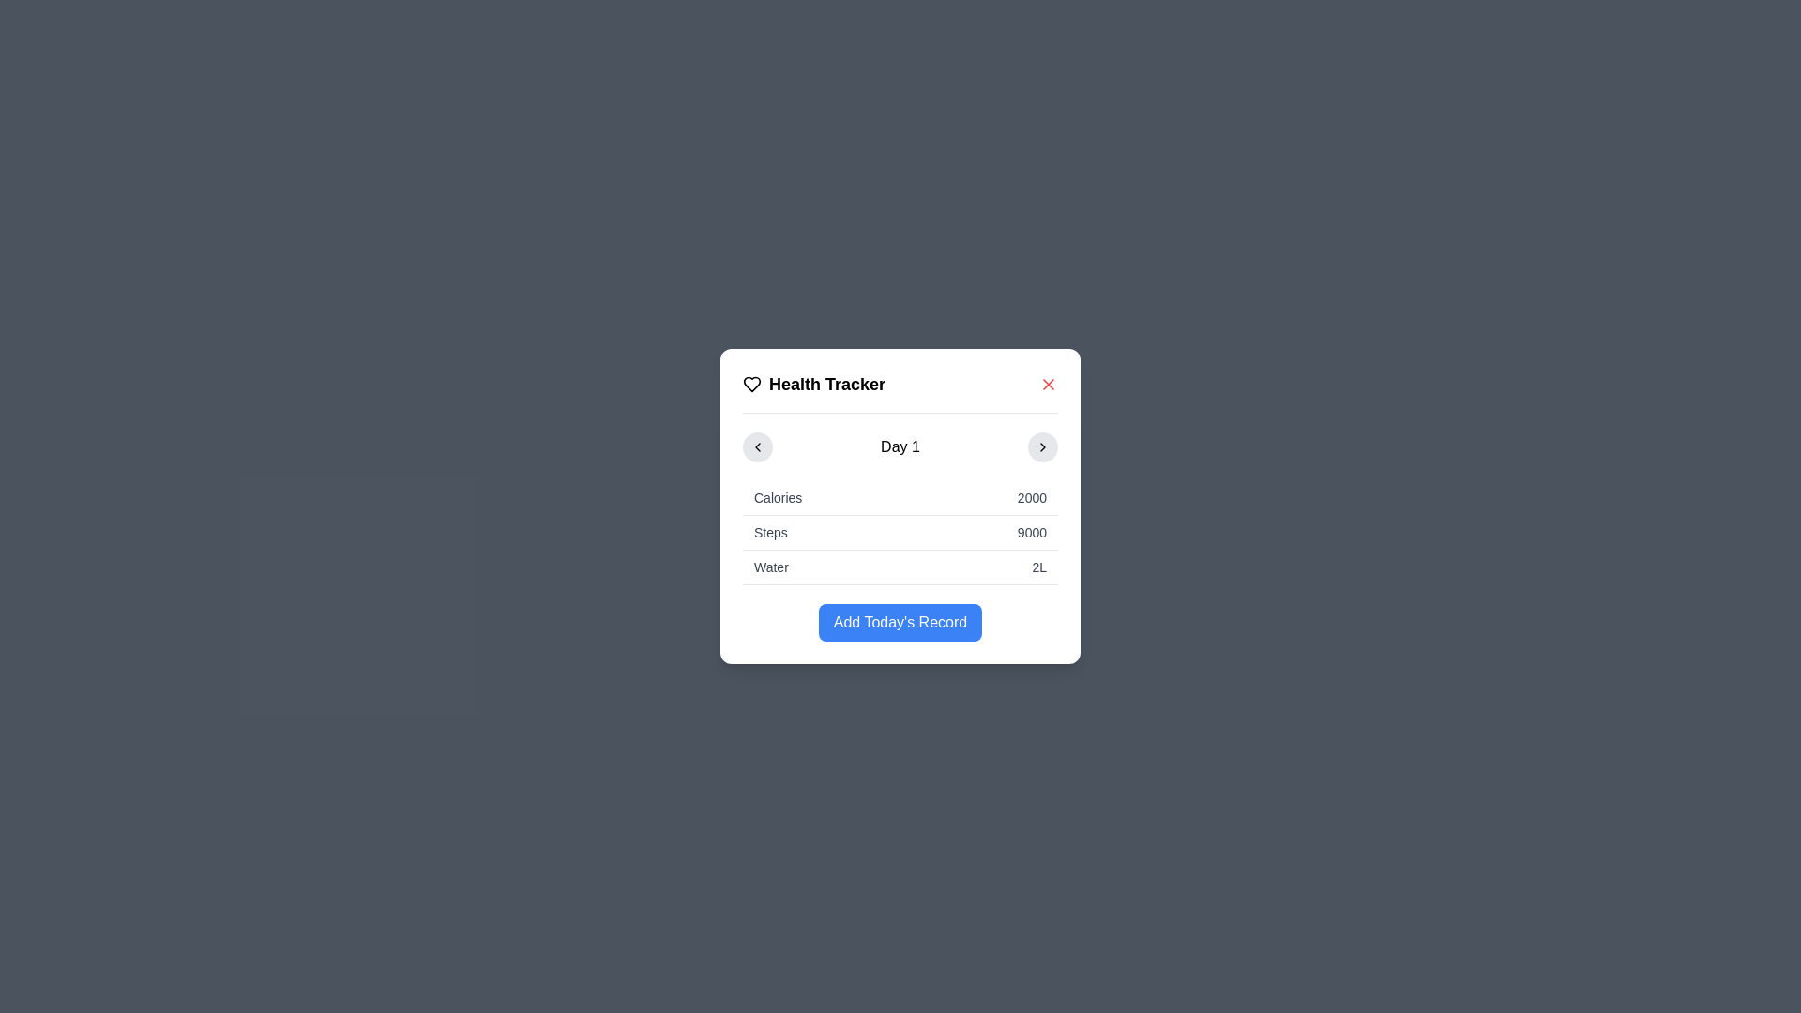 The height and width of the screenshot is (1013, 1801). Describe the element at coordinates (770, 532) in the screenshot. I see `the static text label displaying the word 'Steps', which is in bold serif font and positioned to the left of the numerical value '9000'` at that location.